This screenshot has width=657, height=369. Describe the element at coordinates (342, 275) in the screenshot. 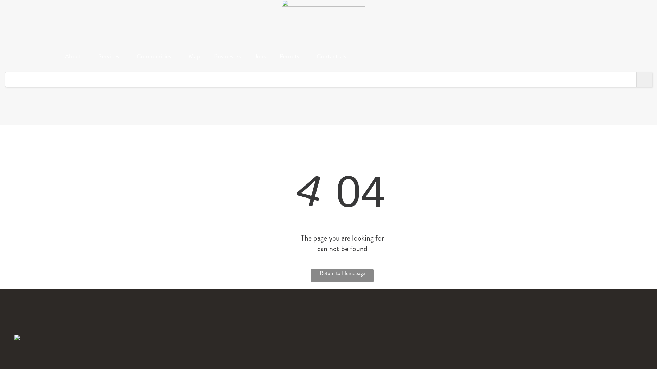

I see `'Return to Homepage'` at that location.